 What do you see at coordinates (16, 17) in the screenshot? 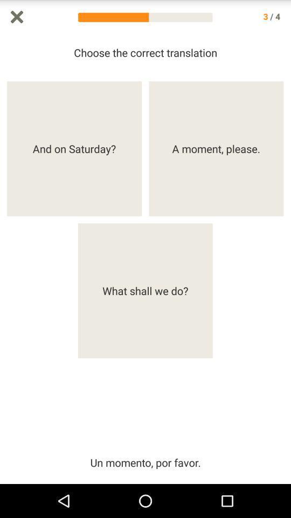
I see `the close icon` at bounding box center [16, 17].